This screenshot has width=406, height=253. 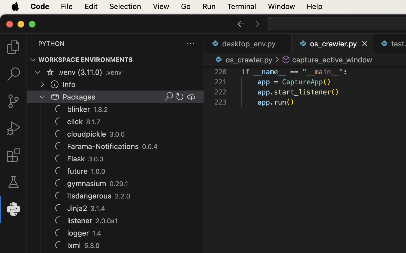 What do you see at coordinates (101, 109) in the screenshot?
I see `'1.8.2'` at bounding box center [101, 109].